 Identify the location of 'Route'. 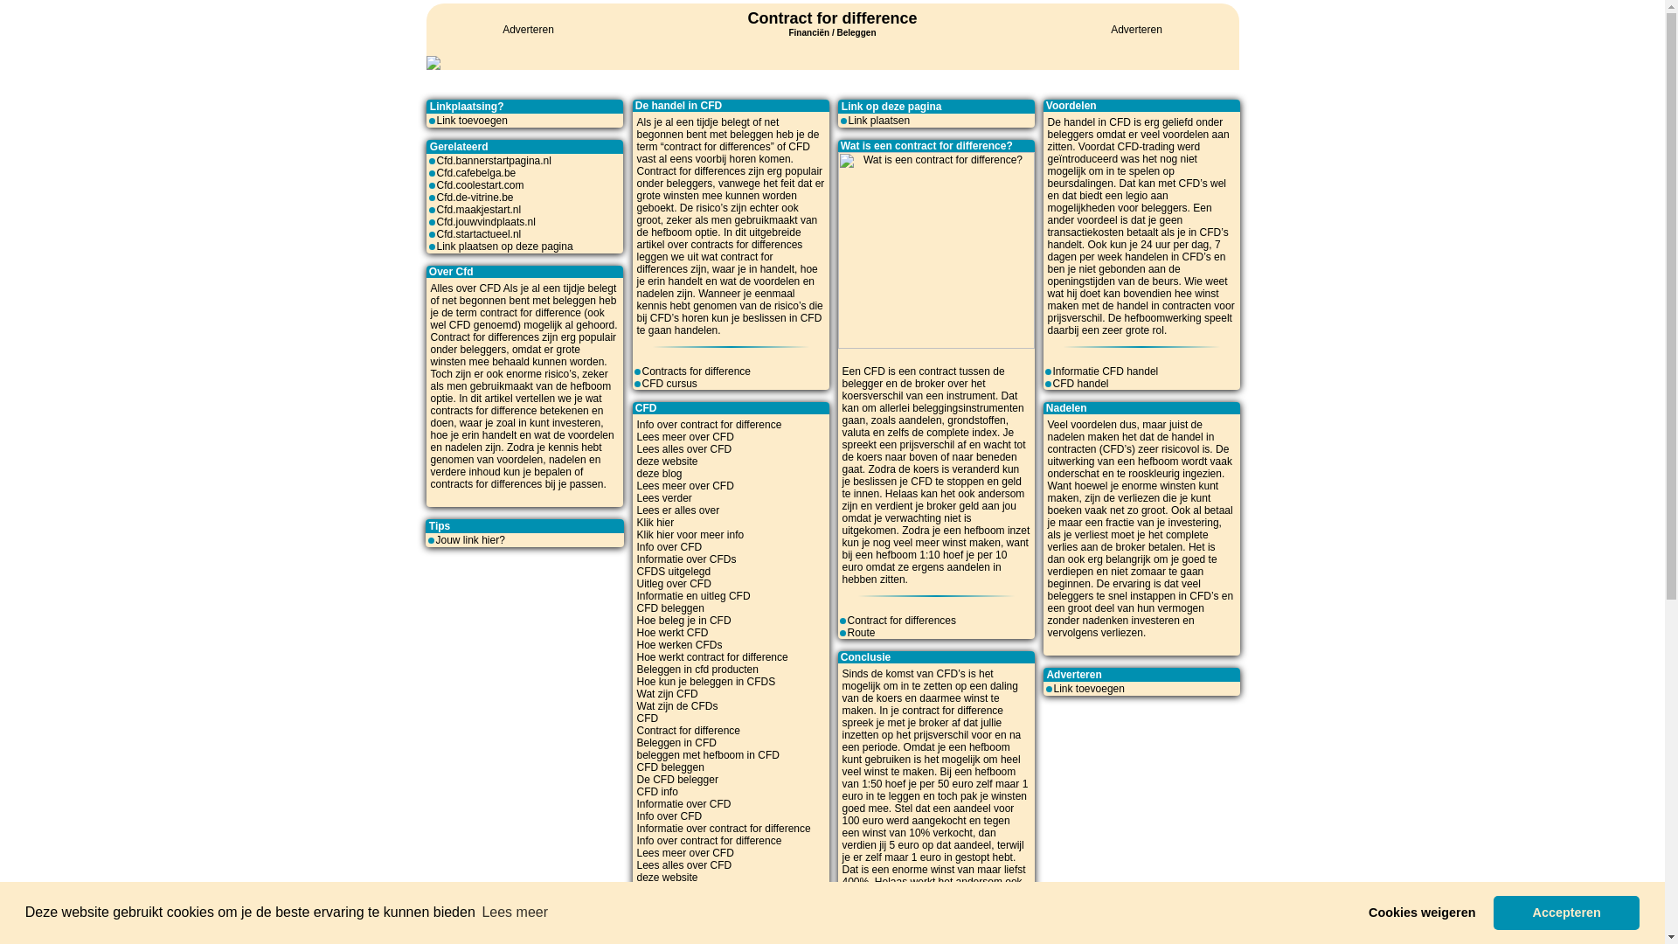
(847, 633).